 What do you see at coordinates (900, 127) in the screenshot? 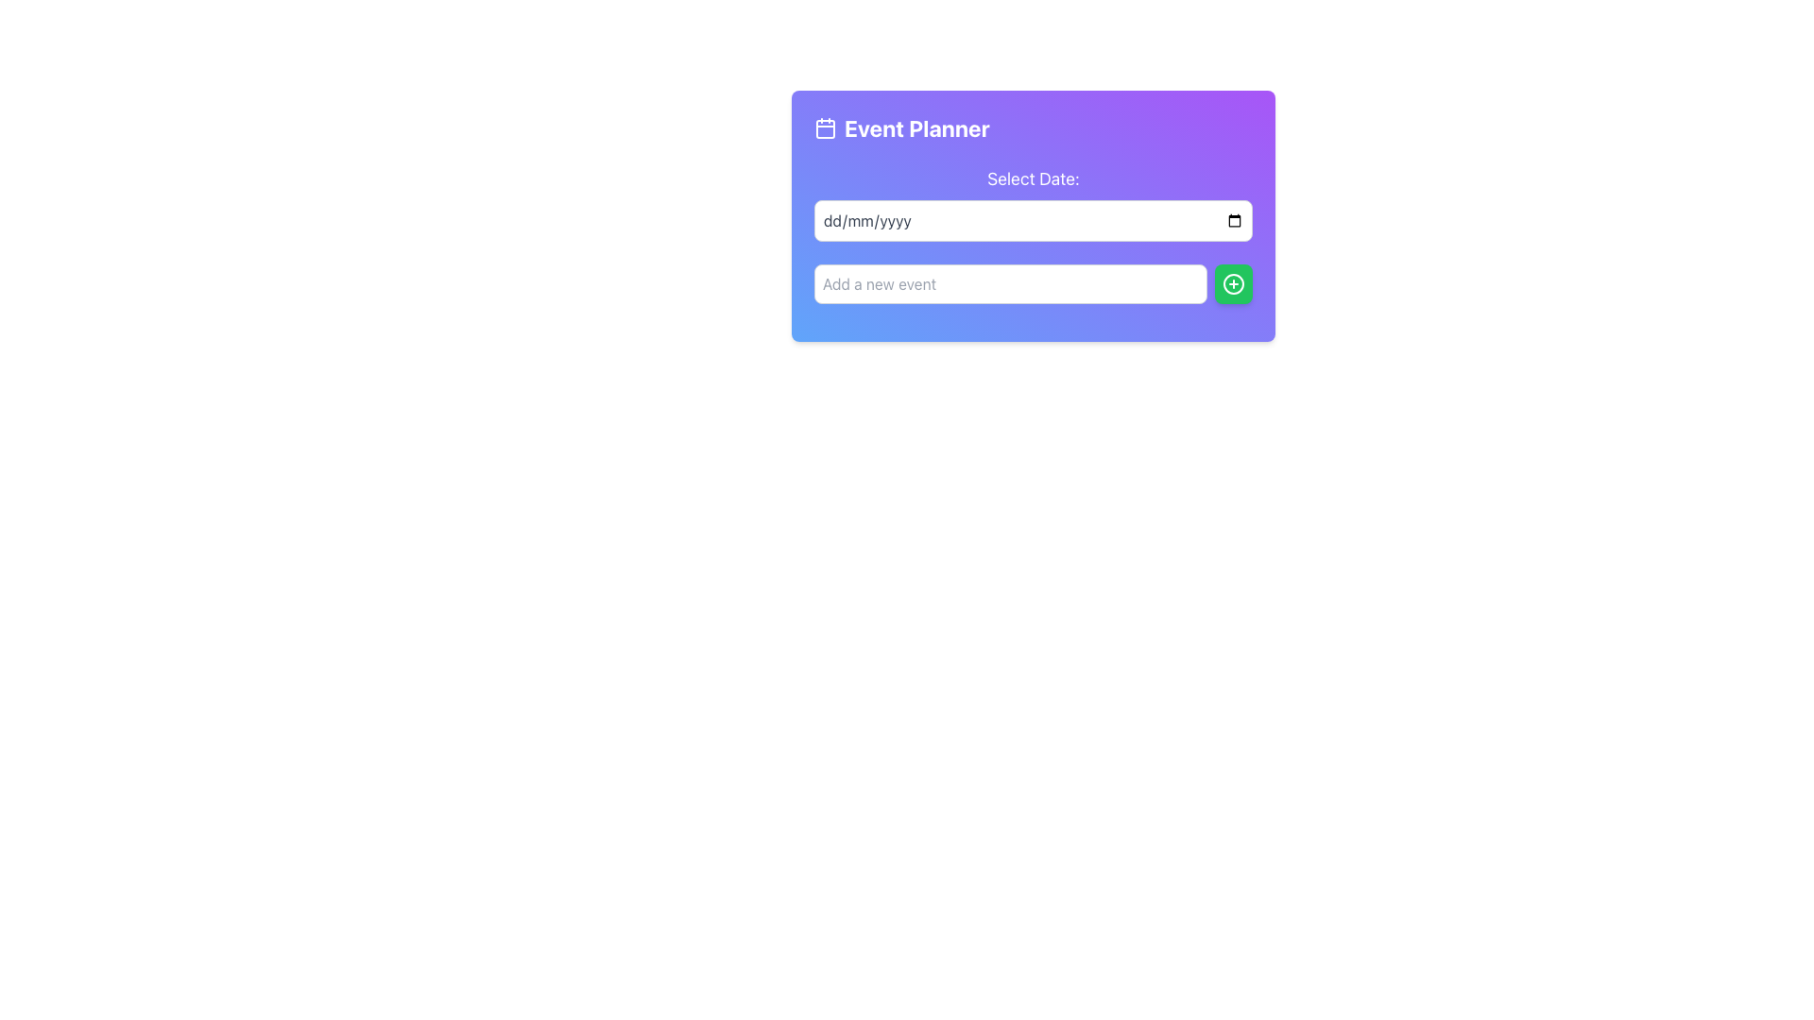
I see `the text label located at the top-left portion of the panel, adjacent to the calendar icon` at bounding box center [900, 127].